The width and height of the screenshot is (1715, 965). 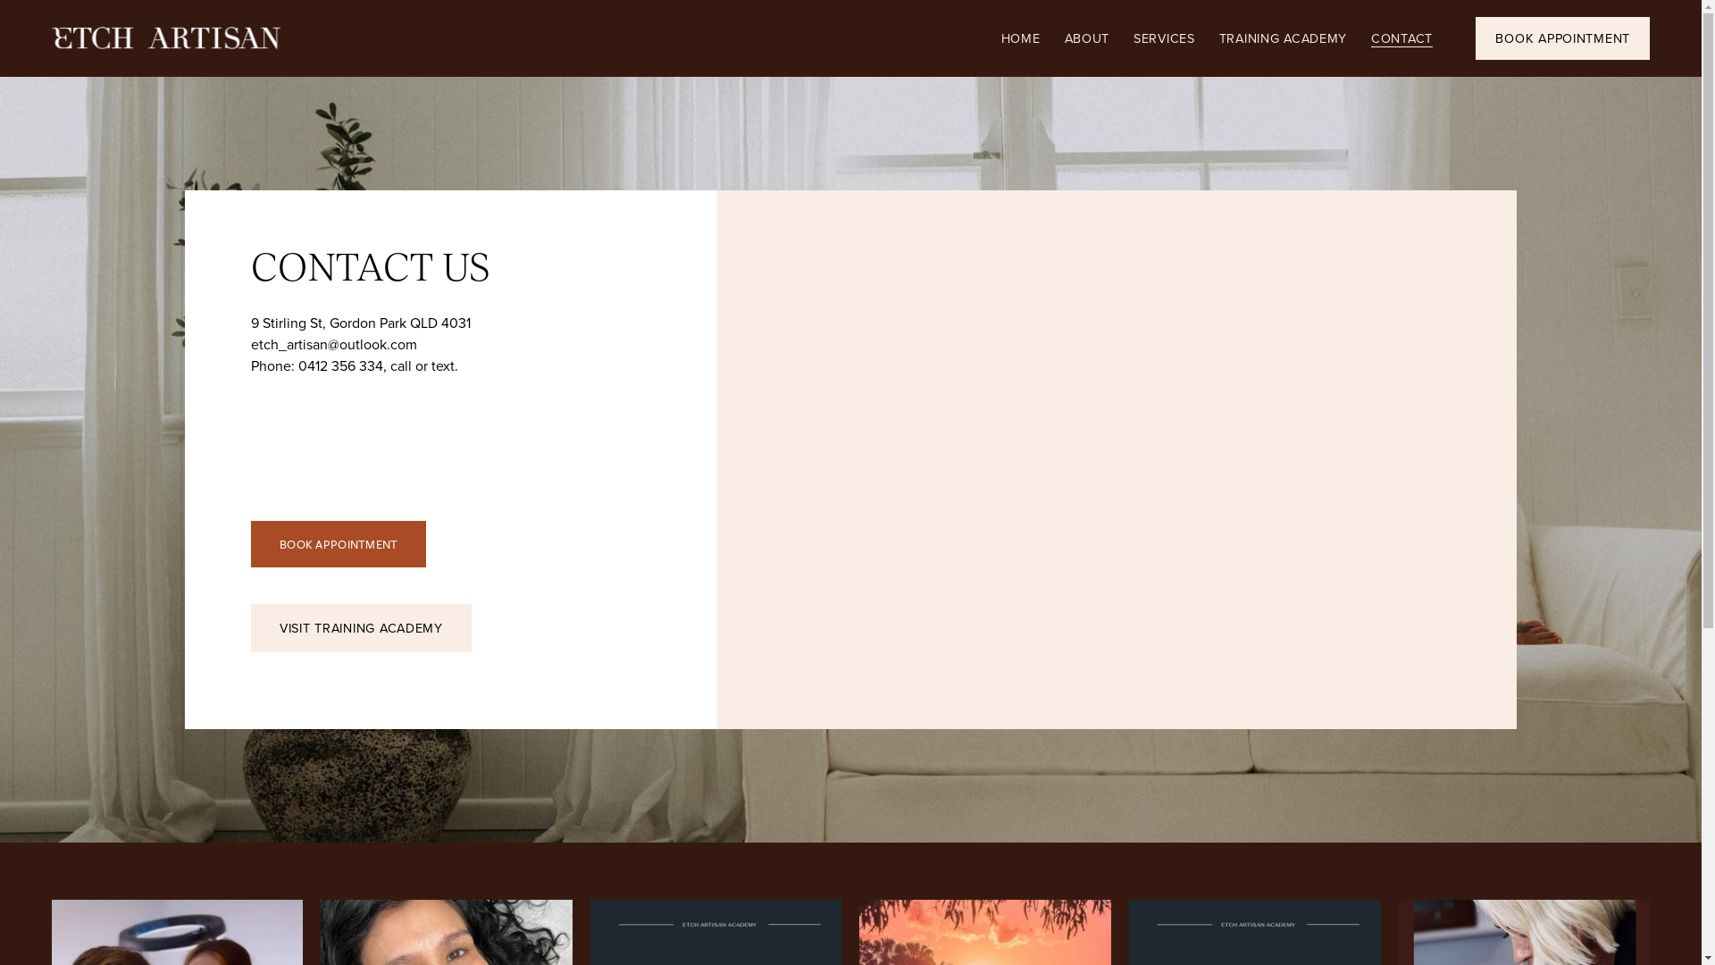 What do you see at coordinates (339, 543) in the screenshot?
I see `'BOOK APPOINTMENT'` at bounding box center [339, 543].